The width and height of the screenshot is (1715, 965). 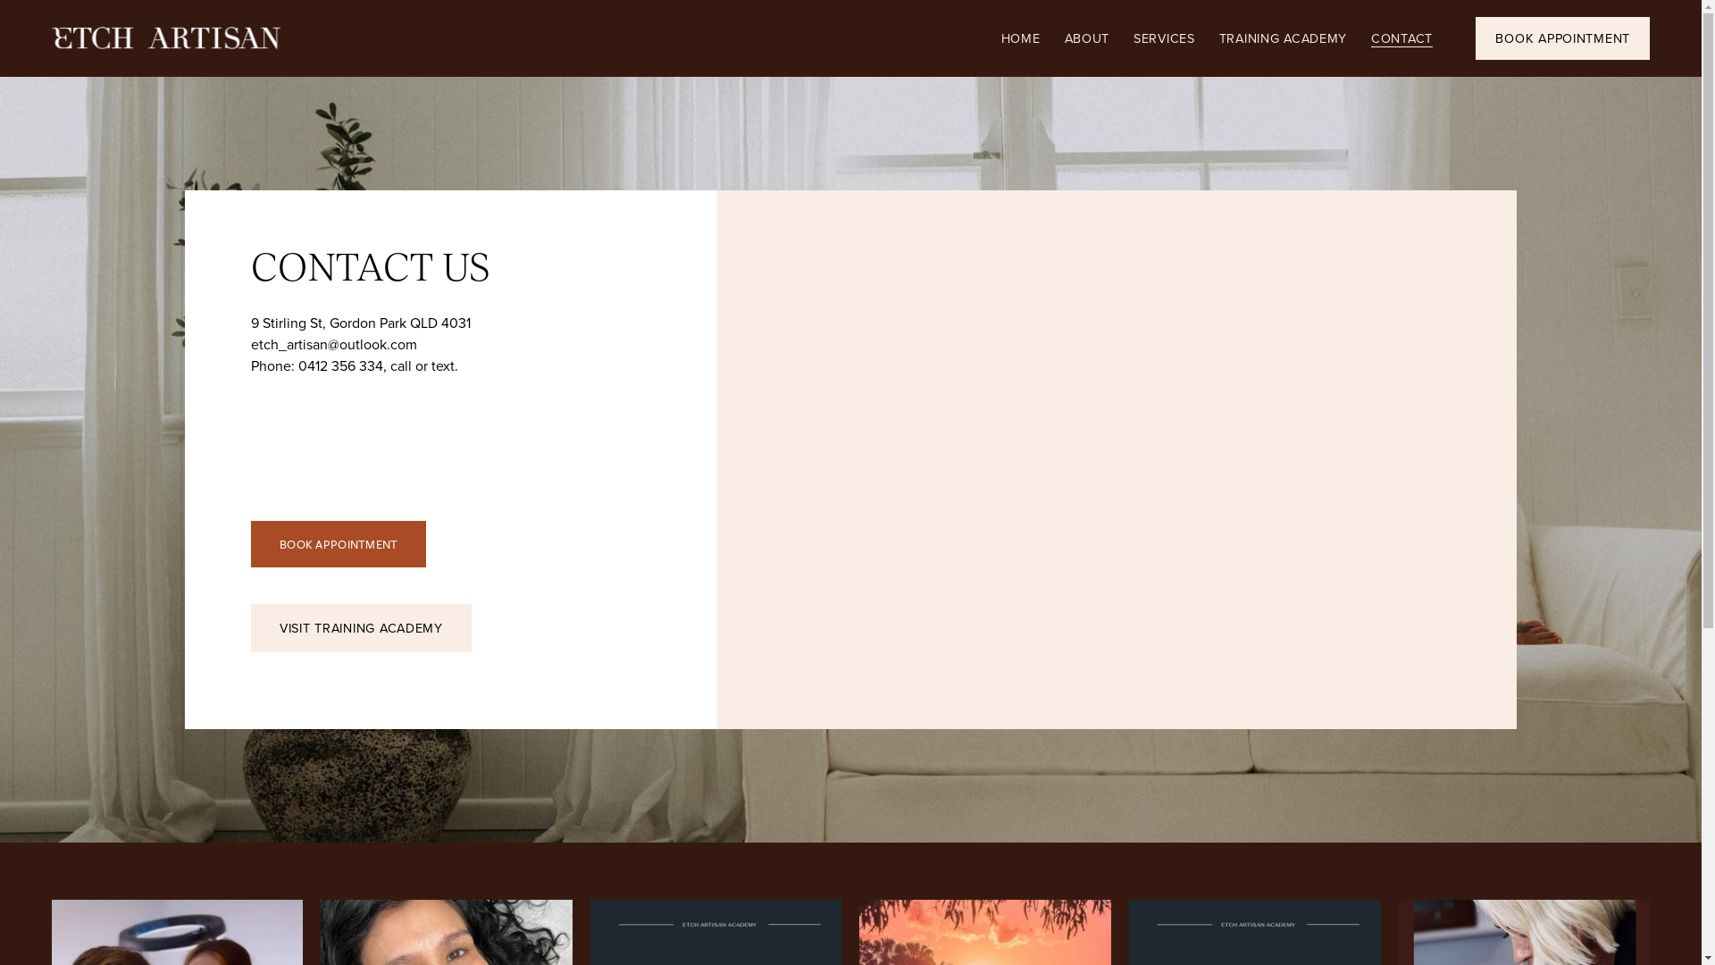 What do you see at coordinates (339, 543) in the screenshot?
I see `'BOOK APPOINTMENT'` at bounding box center [339, 543].